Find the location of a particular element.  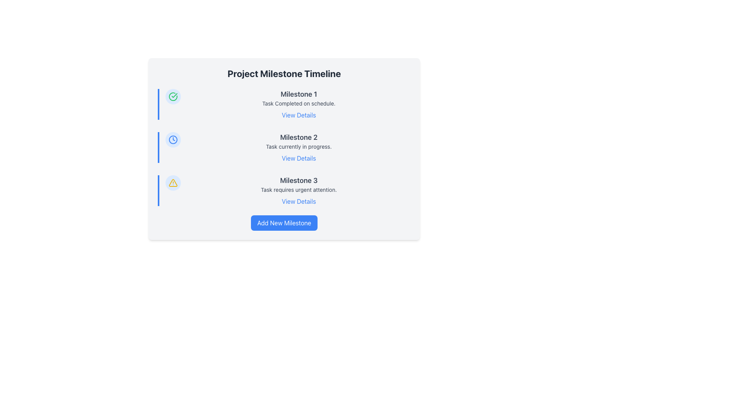

the rectangular blue button labeled 'Add New Milestone' located at the bottom-center of the 'Project Milestone Timeline' content box is located at coordinates (284, 223).